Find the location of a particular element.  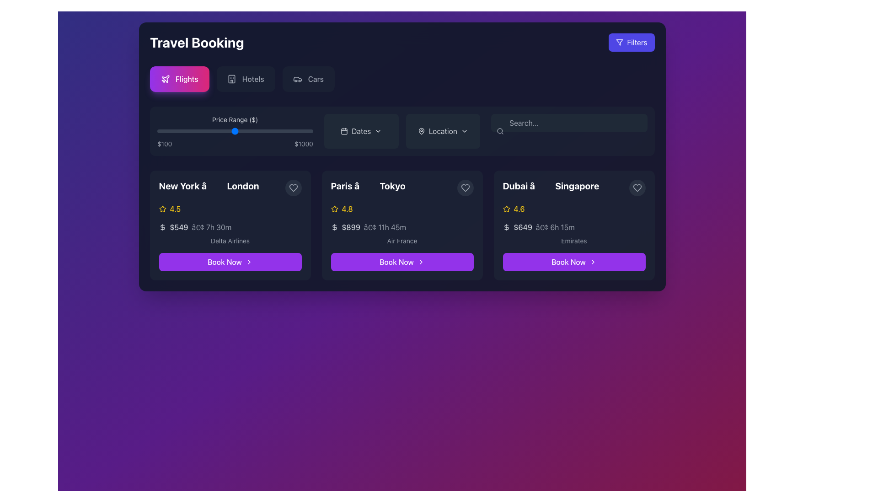

the text label displaying 'New York → London' which is located at the top-left section of the card, above the rating and price details is located at coordinates (230, 188).